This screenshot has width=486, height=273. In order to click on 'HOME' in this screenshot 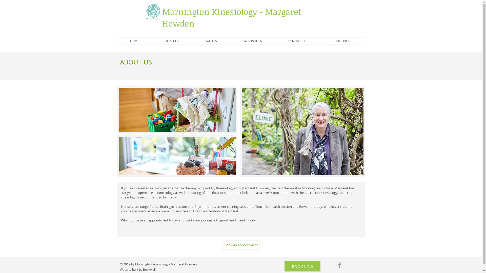, I will do `click(134, 41)`.